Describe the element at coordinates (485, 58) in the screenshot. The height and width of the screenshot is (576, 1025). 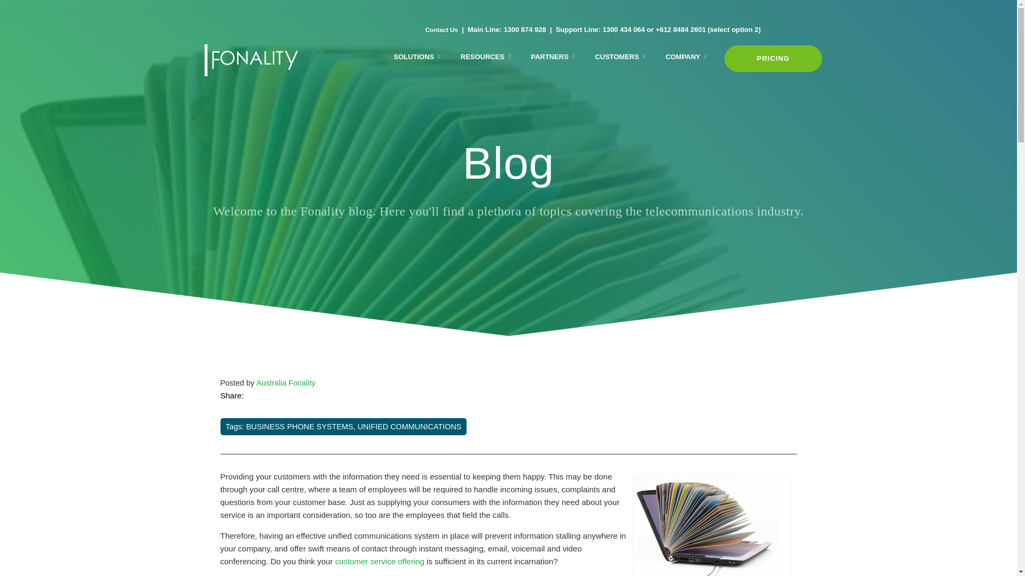
I see `'RESOURCES'` at that location.